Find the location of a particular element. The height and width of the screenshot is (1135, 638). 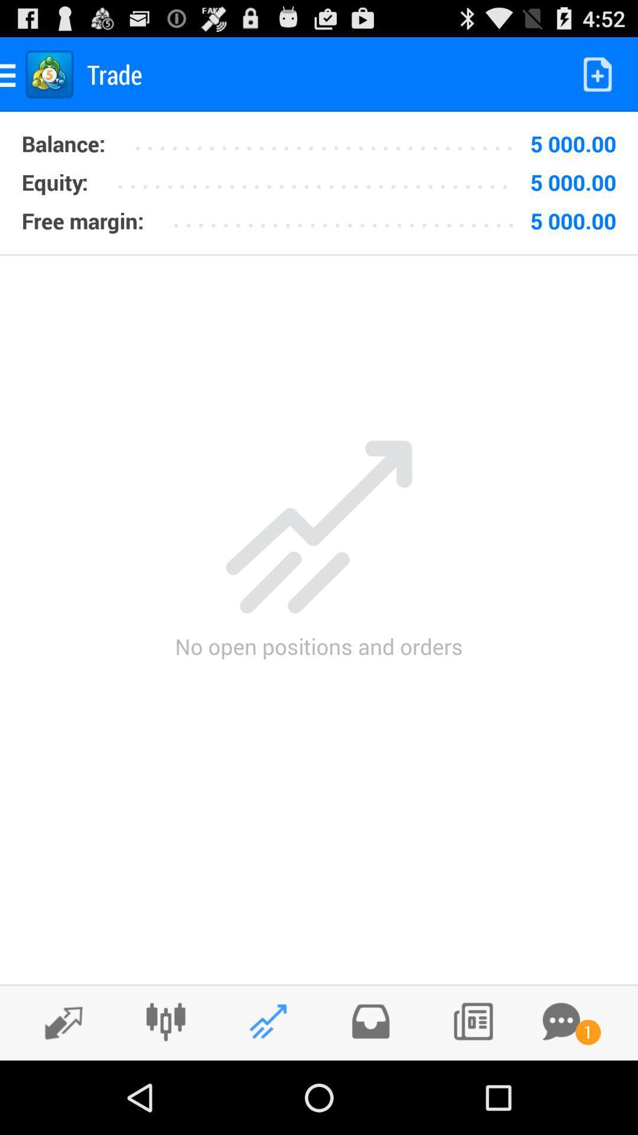

balance: item is located at coordinates (63, 143).